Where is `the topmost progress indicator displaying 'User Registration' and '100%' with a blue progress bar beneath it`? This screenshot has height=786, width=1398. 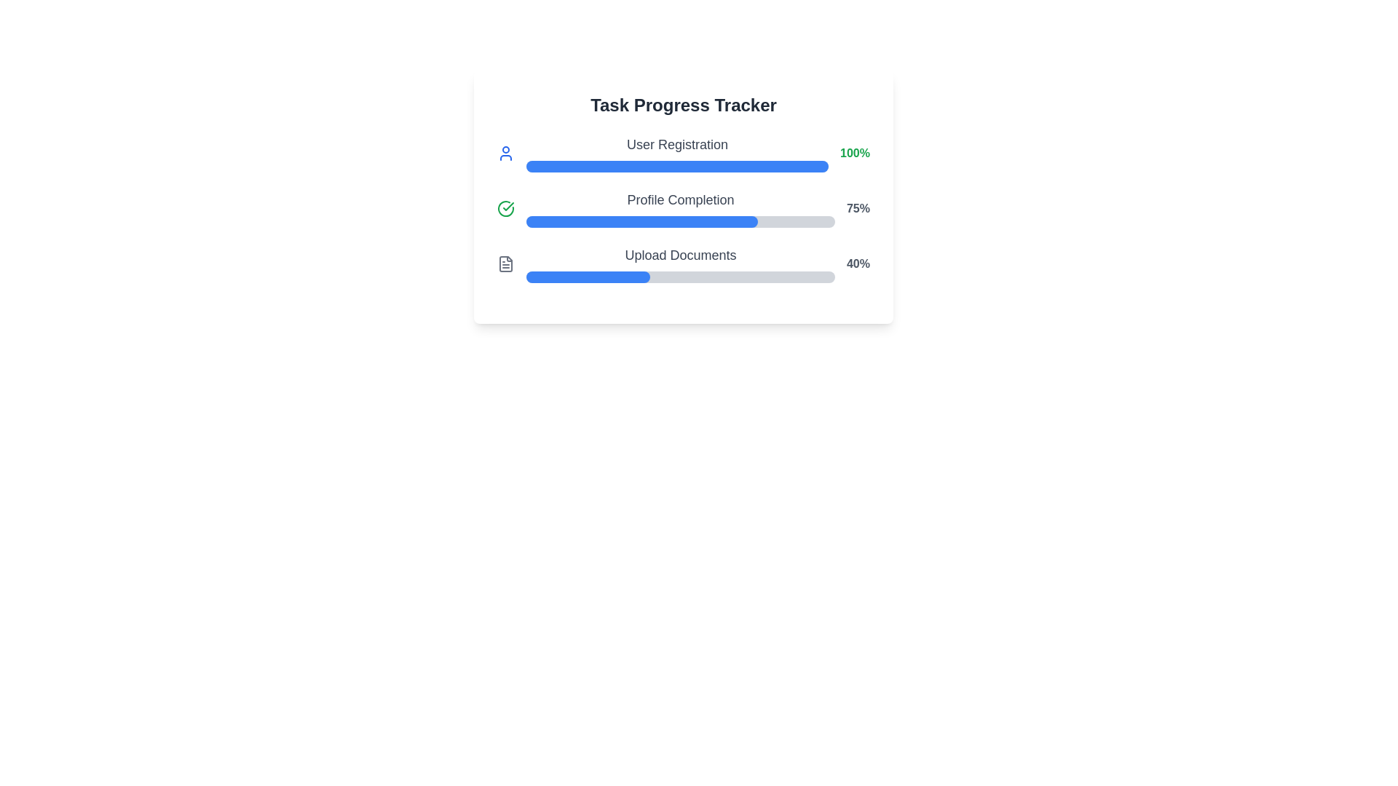 the topmost progress indicator displaying 'User Registration' and '100%' with a blue progress bar beneath it is located at coordinates (683, 154).